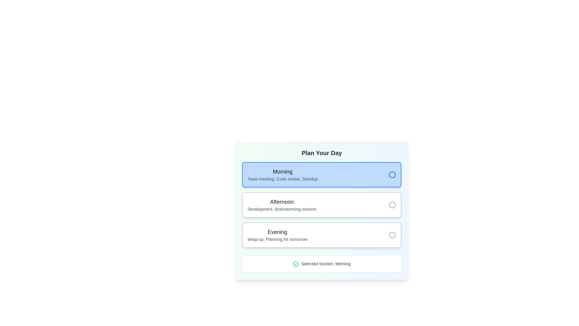 The image size is (579, 326). What do you see at coordinates (282, 172) in the screenshot?
I see `the Text Label displaying 'Morning' in bold, large dark gray font, located at the top of the card-like section with a light blue background` at bounding box center [282, 172].